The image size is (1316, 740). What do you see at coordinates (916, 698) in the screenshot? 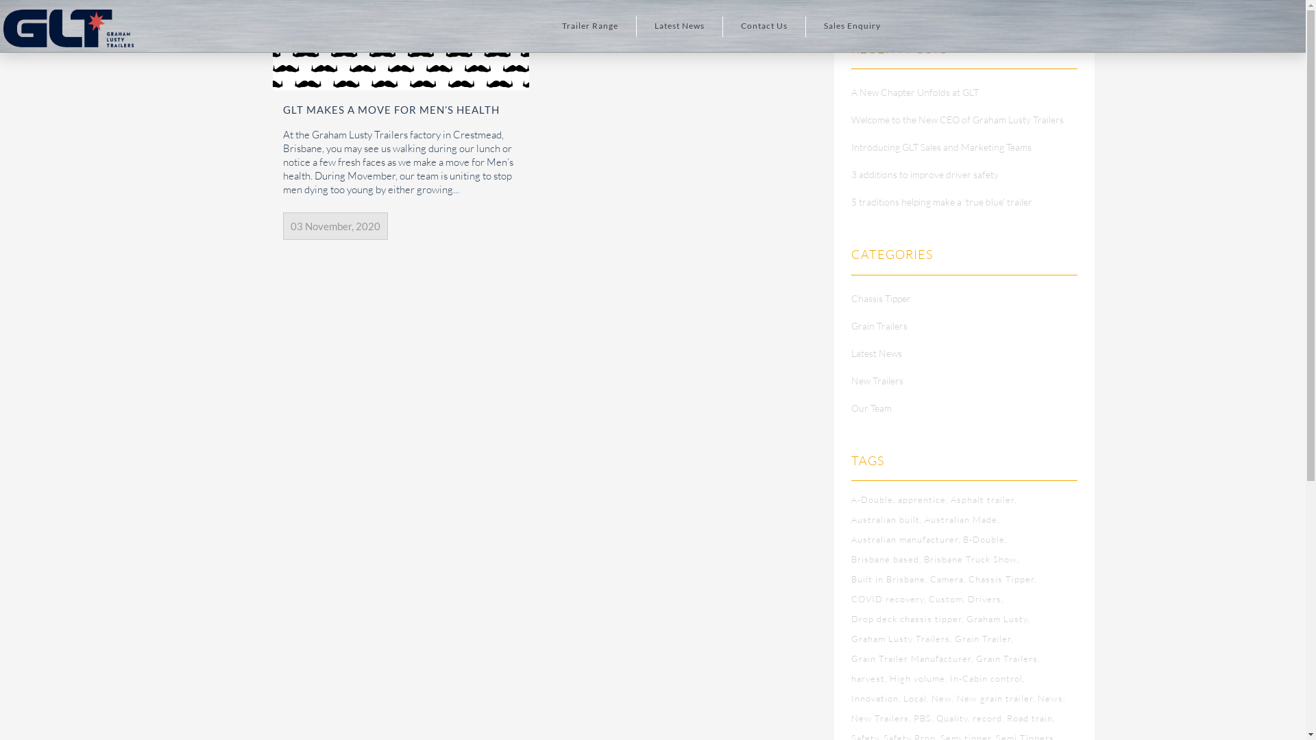
I see `'Local'` at bounding box center [916, 698].